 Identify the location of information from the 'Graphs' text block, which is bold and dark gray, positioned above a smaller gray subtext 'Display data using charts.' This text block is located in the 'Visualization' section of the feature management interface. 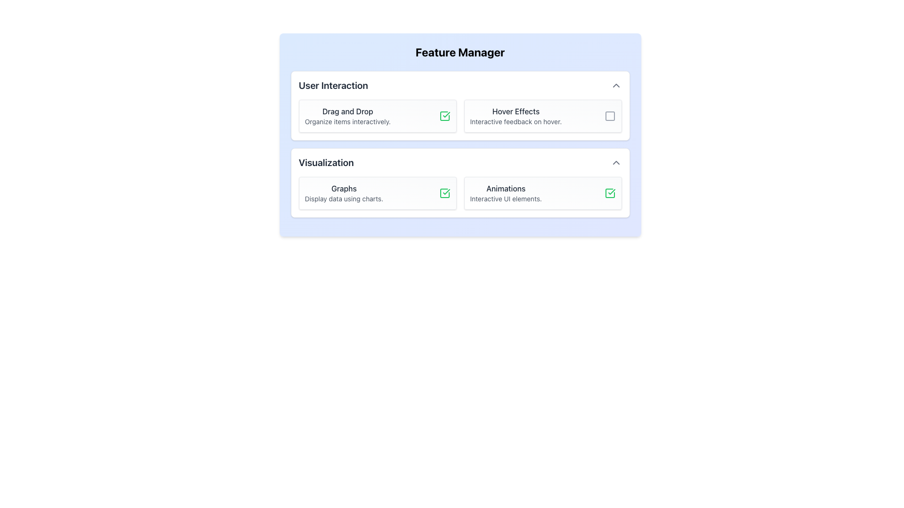
(343, 193).